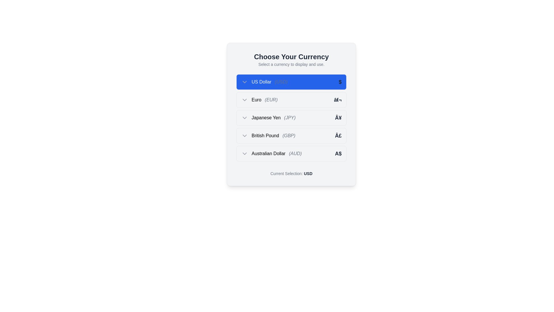  Describe the element at coordinates (245, 153) in the screenshot. I see `the downward-facing chevron icon next to the label 'Australian Dollar (AUD)'` at that location.